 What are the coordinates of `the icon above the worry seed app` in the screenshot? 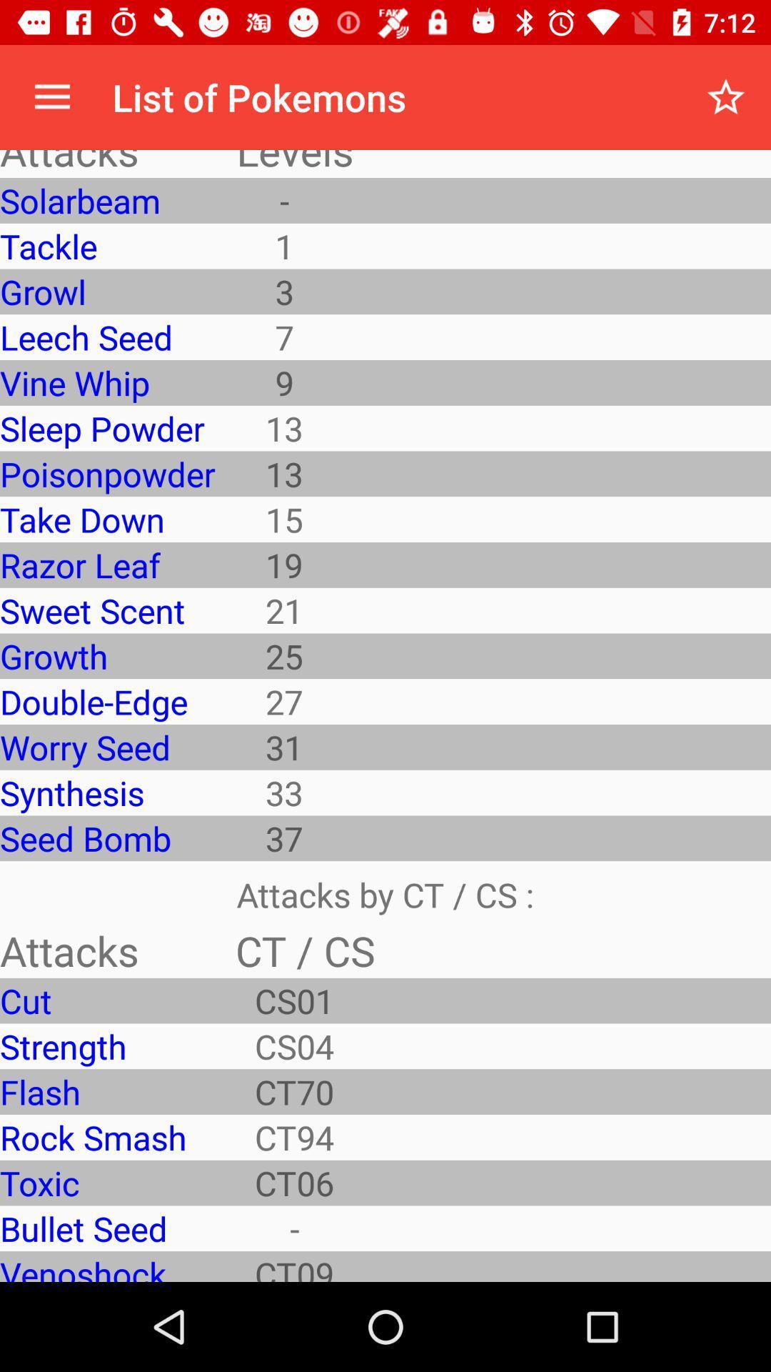 It's located at (106, 702).